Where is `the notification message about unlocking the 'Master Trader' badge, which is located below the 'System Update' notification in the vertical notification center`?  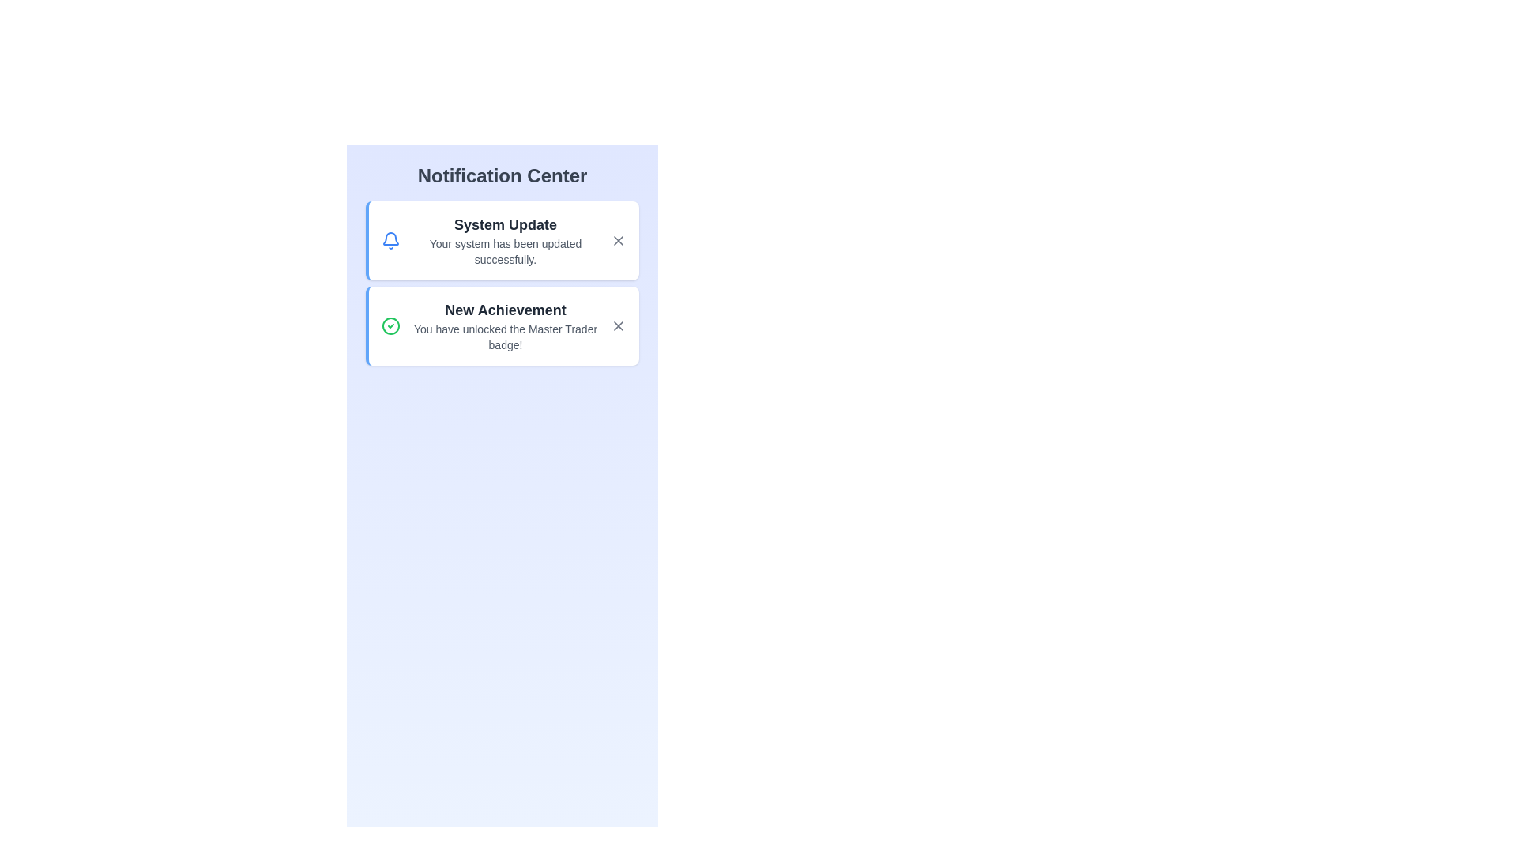
the notification message about unlocking the 'Master Trader' badge, which is located below the 'System Update' notification in the vertical notification center is located at coordinates (504, 325).